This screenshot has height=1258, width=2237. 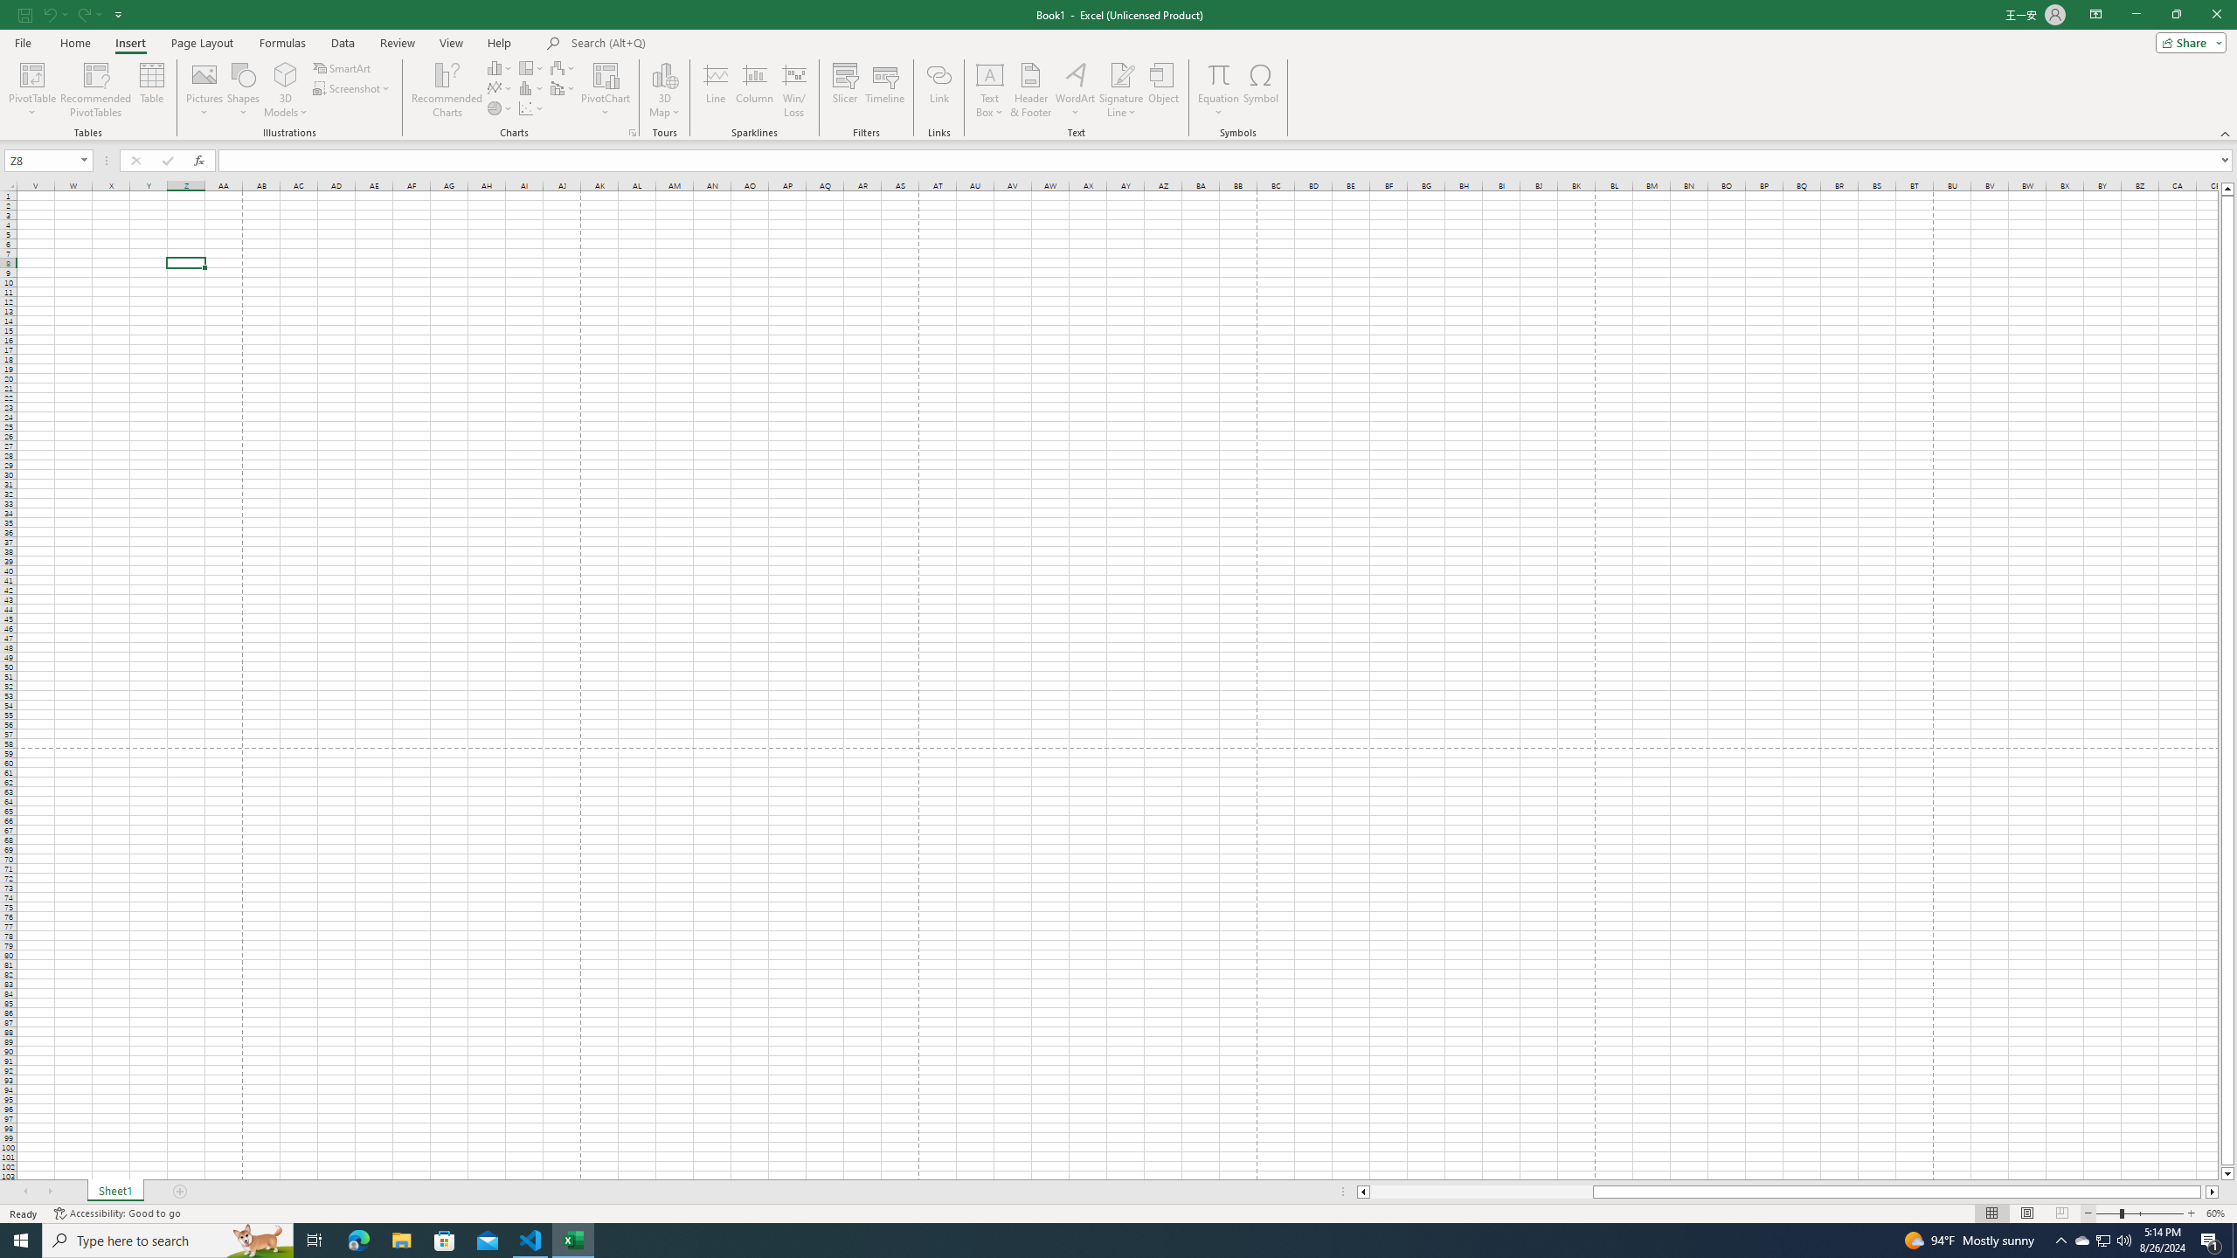 I want to click on 'Header & Footer...', so click(x=1030, y=90).